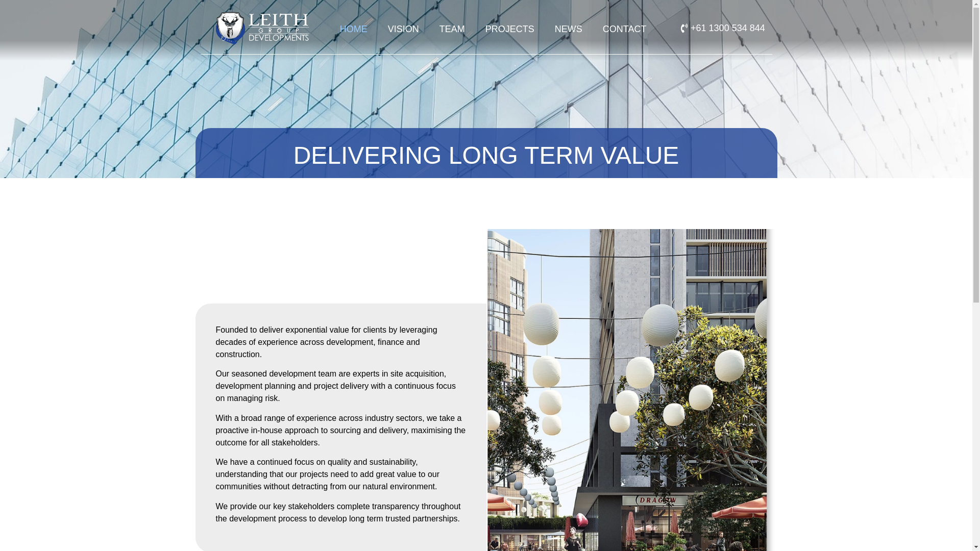  Describe the element at coordinates (353, 29) in the screenshot. I see `'HOME'` at that location.